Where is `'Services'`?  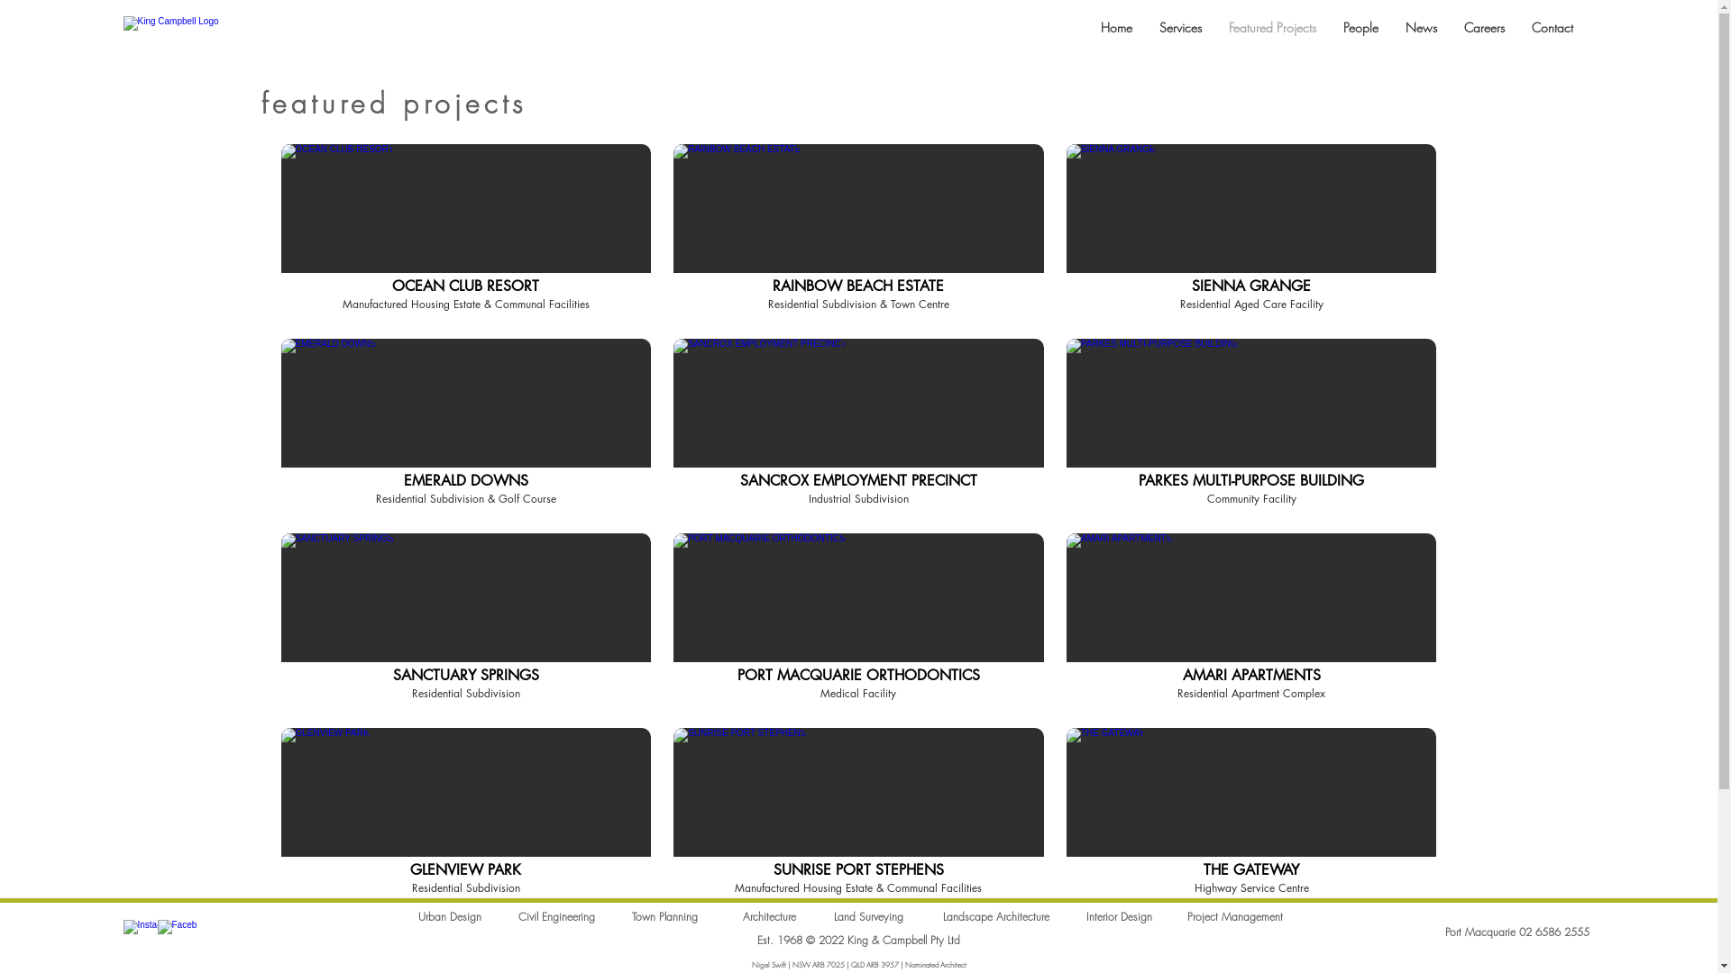
'Services' is located at coordinates (1179, 27).